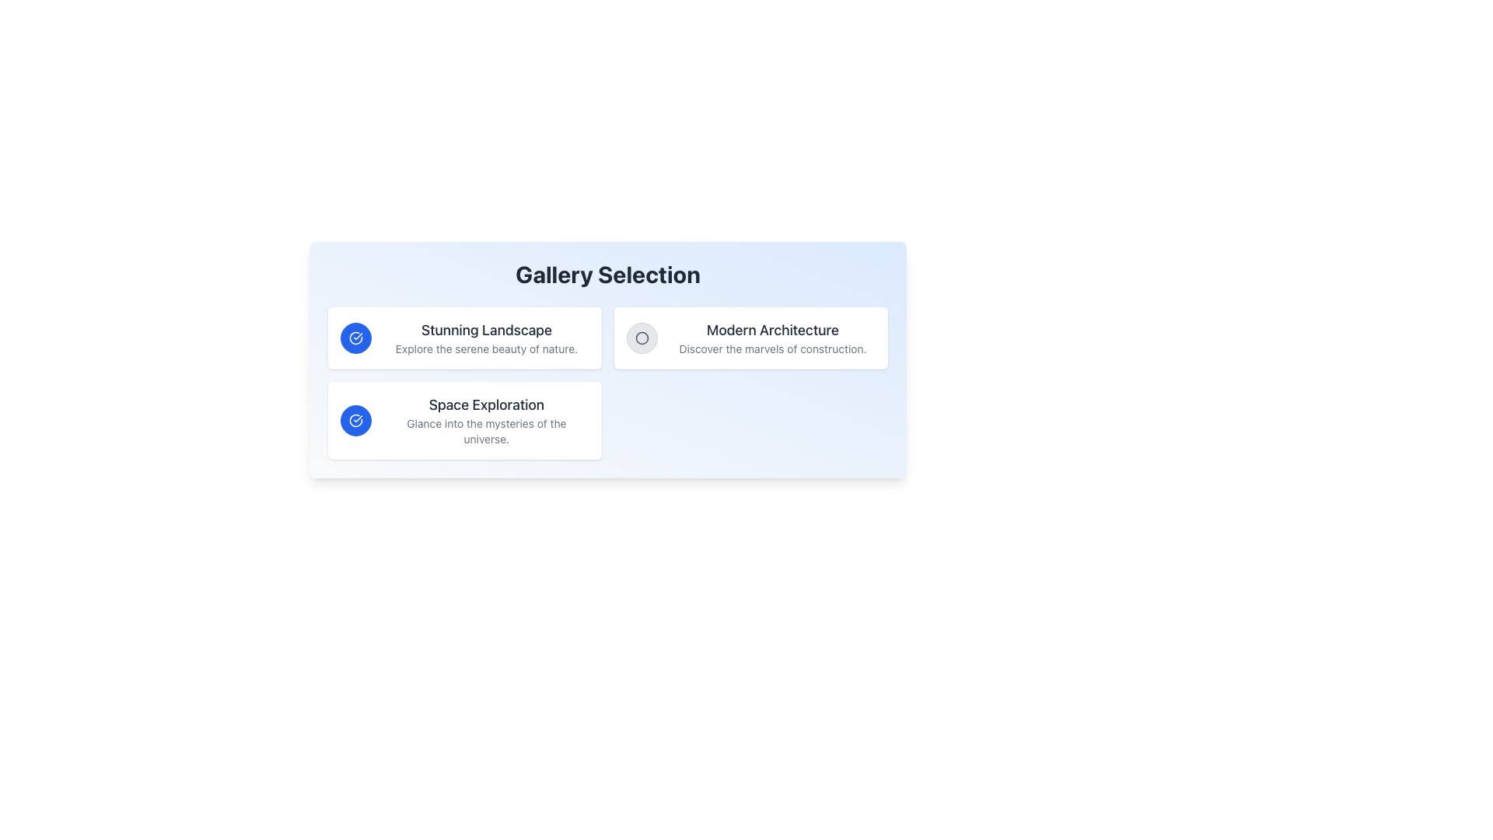 Image resolution: width=1493 pixels, height=840 pixels. Describe the element at coordinates (642, 338) in the screenshot. I see `the button located in the top-left corner of the white card titled 'Modern Architecture'` at that location.